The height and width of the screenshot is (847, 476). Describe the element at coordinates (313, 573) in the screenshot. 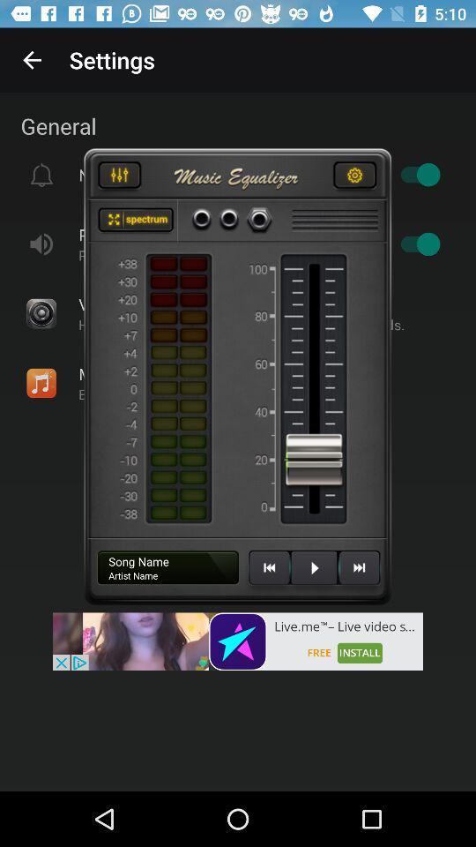

I see `song` at that location.